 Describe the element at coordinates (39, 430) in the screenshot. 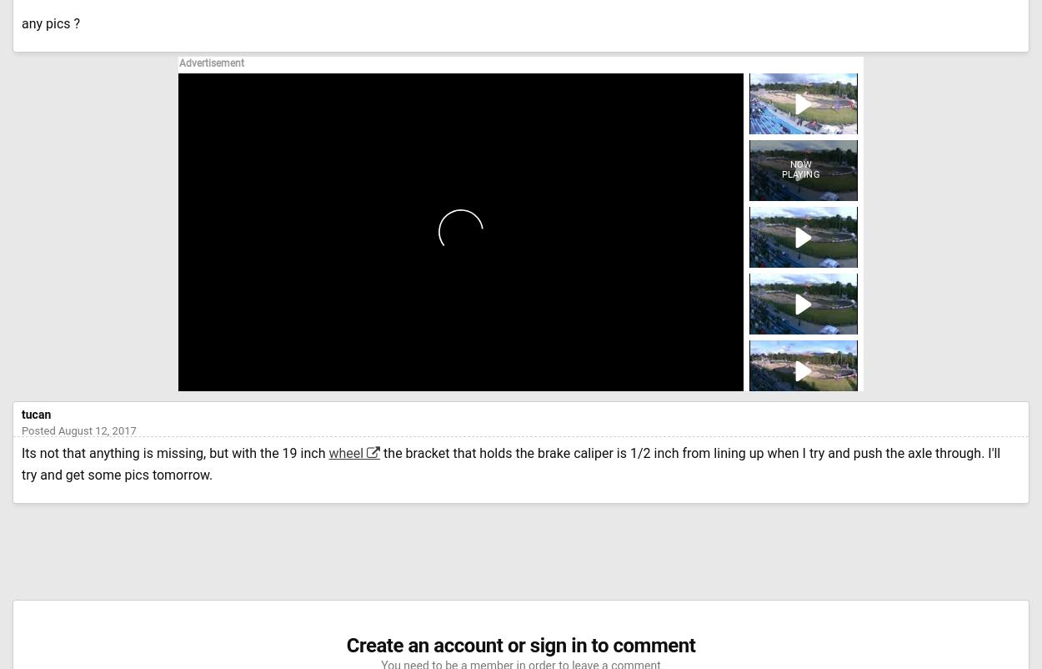

I see `'Posted'` at that location.